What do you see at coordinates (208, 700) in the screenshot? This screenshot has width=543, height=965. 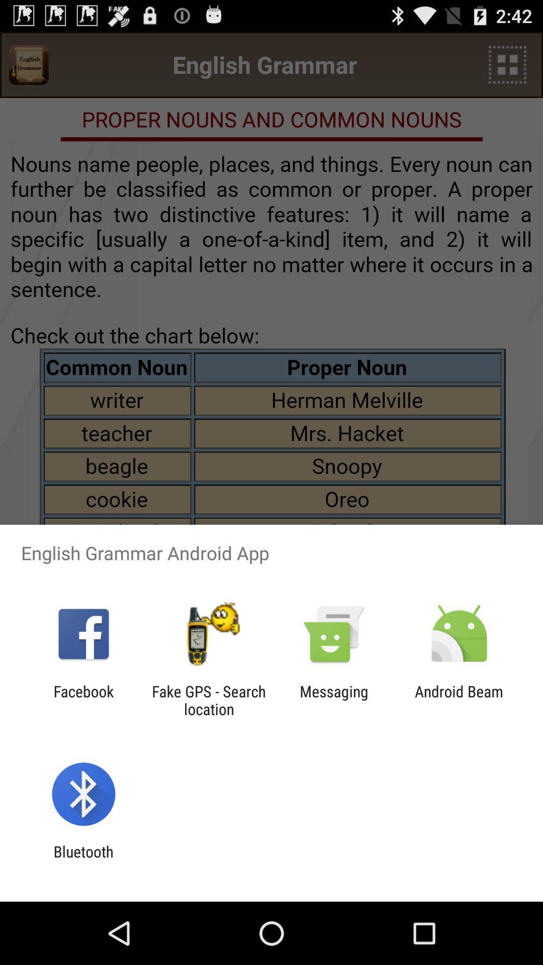 I see `the fake gps search app` at bounding box center [208, 700].